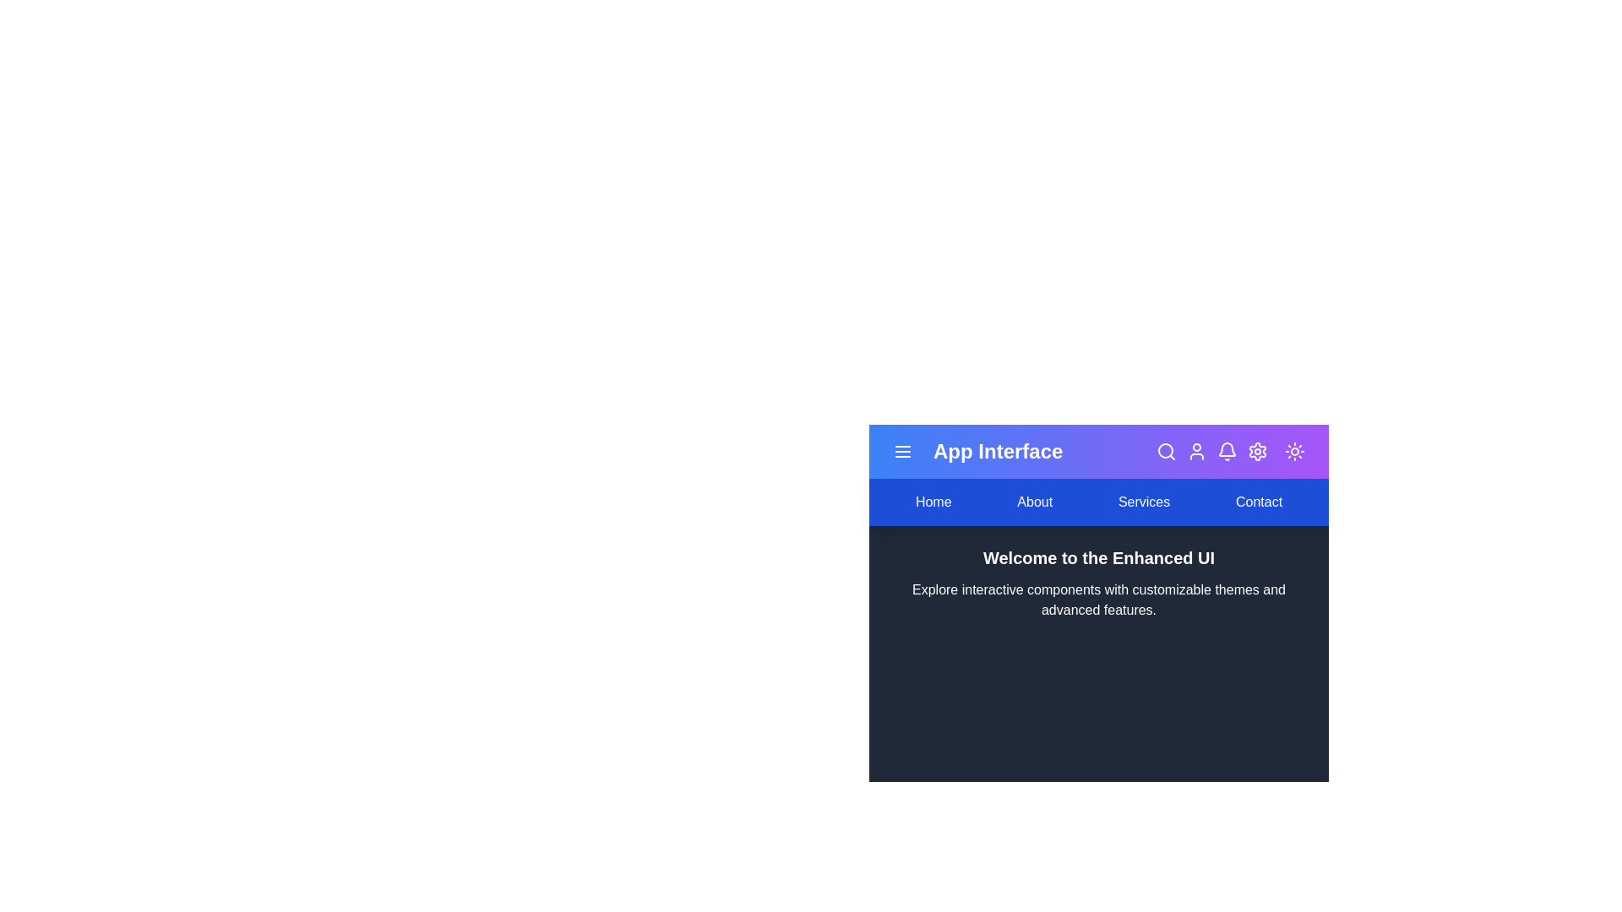  Describe the element at coordinates (902, 451) in the screenshot. I see `the menu button to toggle the visibility of the menu` at that location.